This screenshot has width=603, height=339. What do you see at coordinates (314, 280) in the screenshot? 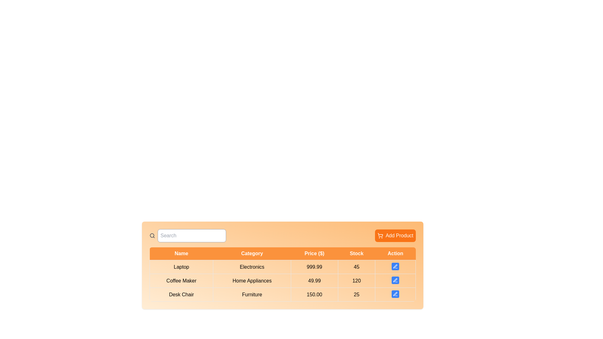
I see `price displayed in the text block showing '49.99' under the 'Price ($)' column in the second row of the table` at bounding box center [314, 280].